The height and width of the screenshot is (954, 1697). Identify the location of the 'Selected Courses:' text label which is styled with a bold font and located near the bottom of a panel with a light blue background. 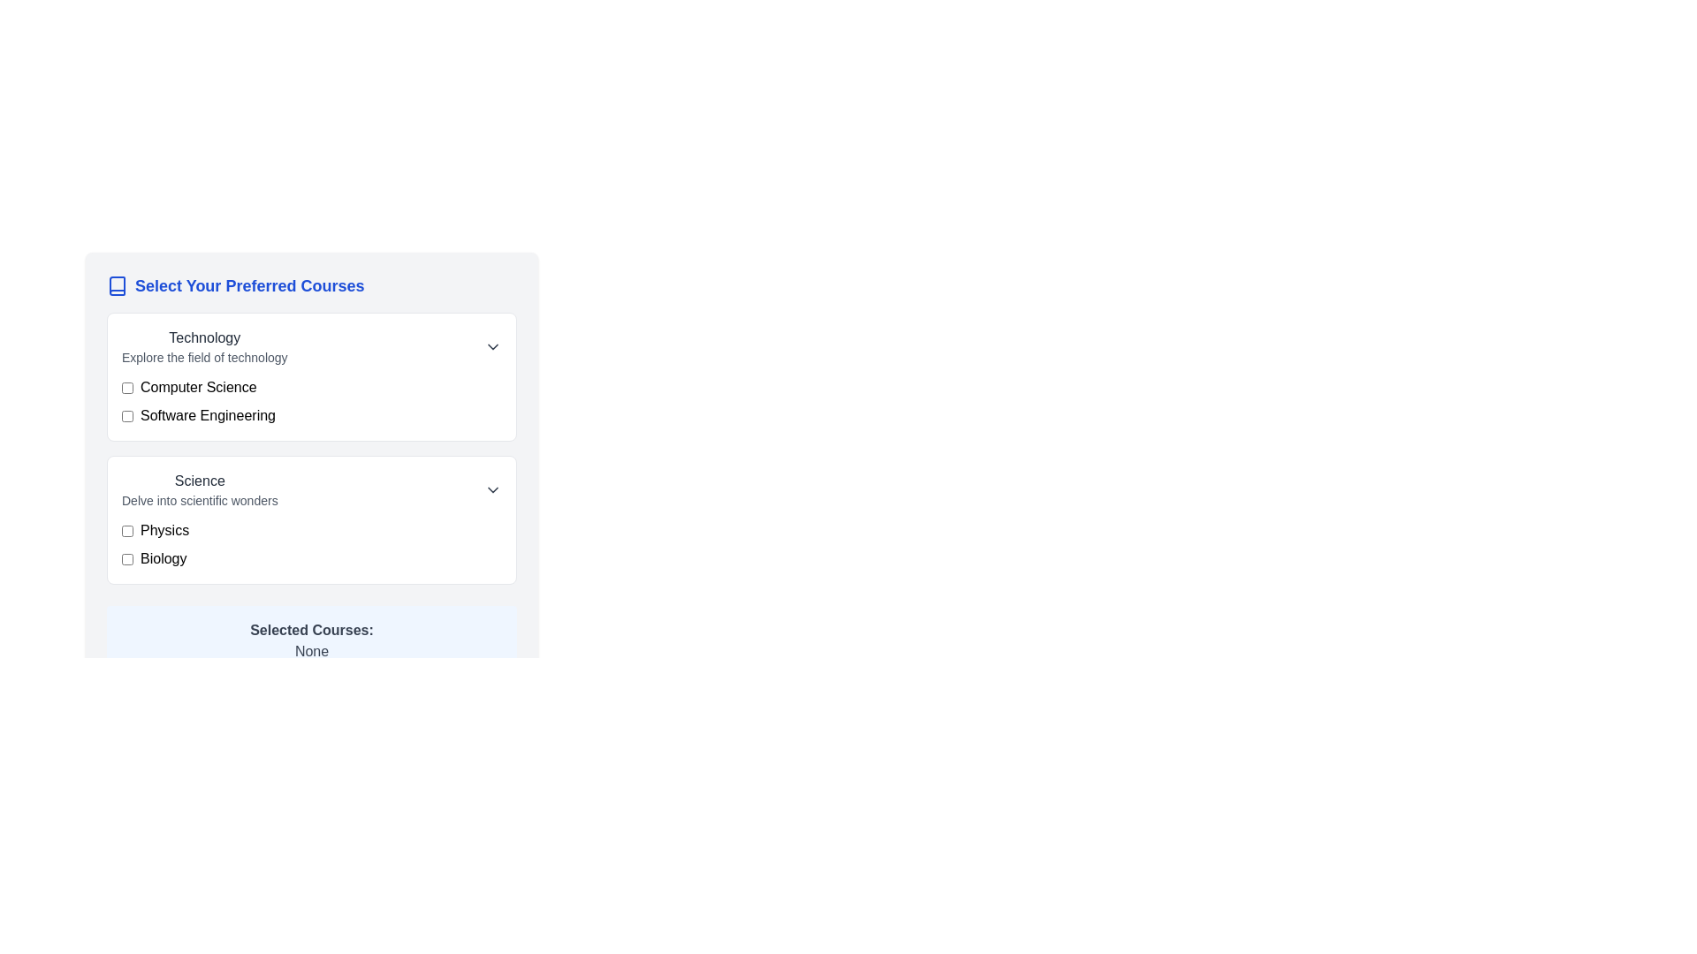
(312, 629).